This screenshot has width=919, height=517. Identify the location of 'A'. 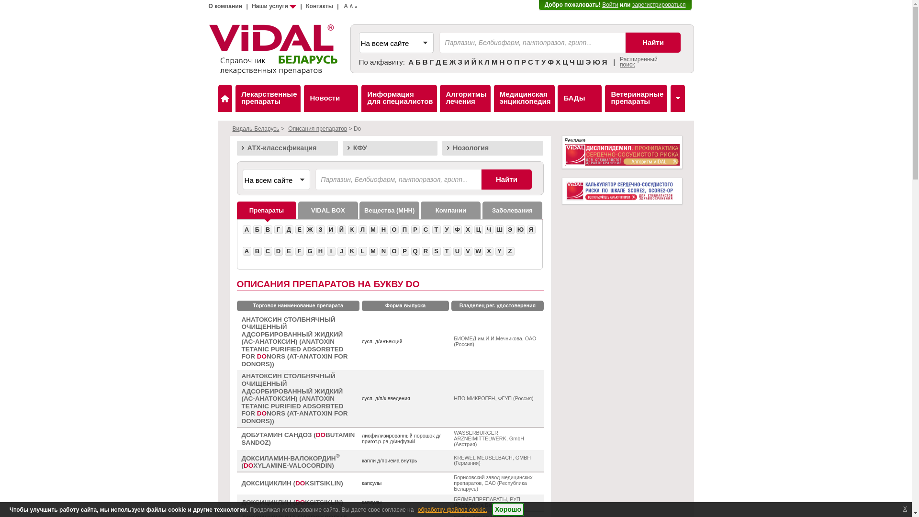
(246, 250).